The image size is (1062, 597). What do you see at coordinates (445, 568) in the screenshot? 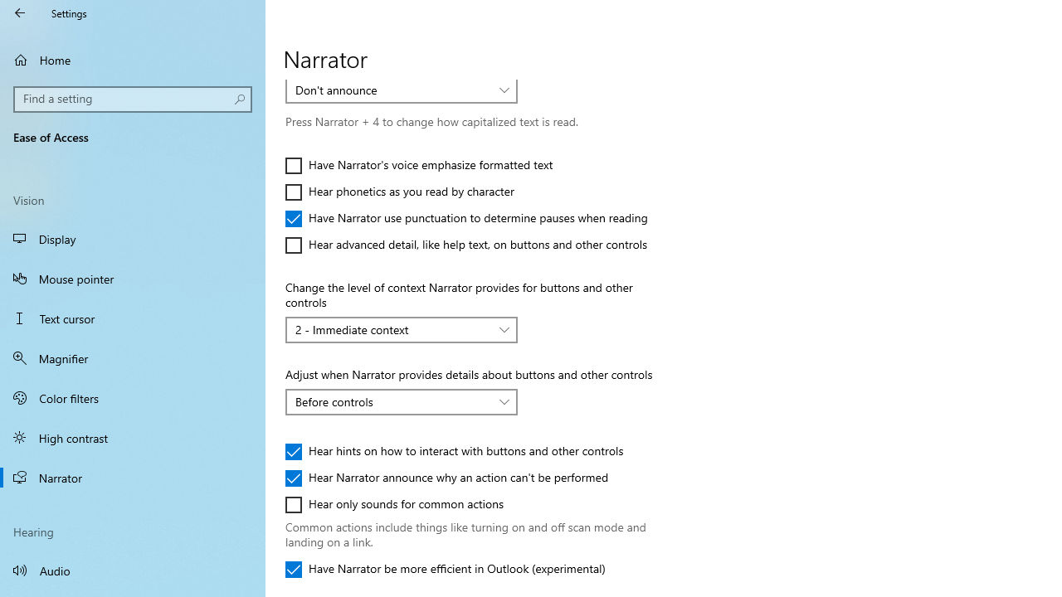
I see `'Have Narrator be more efficient in Outlook (experimental)'` at bounding box center [445, 568].